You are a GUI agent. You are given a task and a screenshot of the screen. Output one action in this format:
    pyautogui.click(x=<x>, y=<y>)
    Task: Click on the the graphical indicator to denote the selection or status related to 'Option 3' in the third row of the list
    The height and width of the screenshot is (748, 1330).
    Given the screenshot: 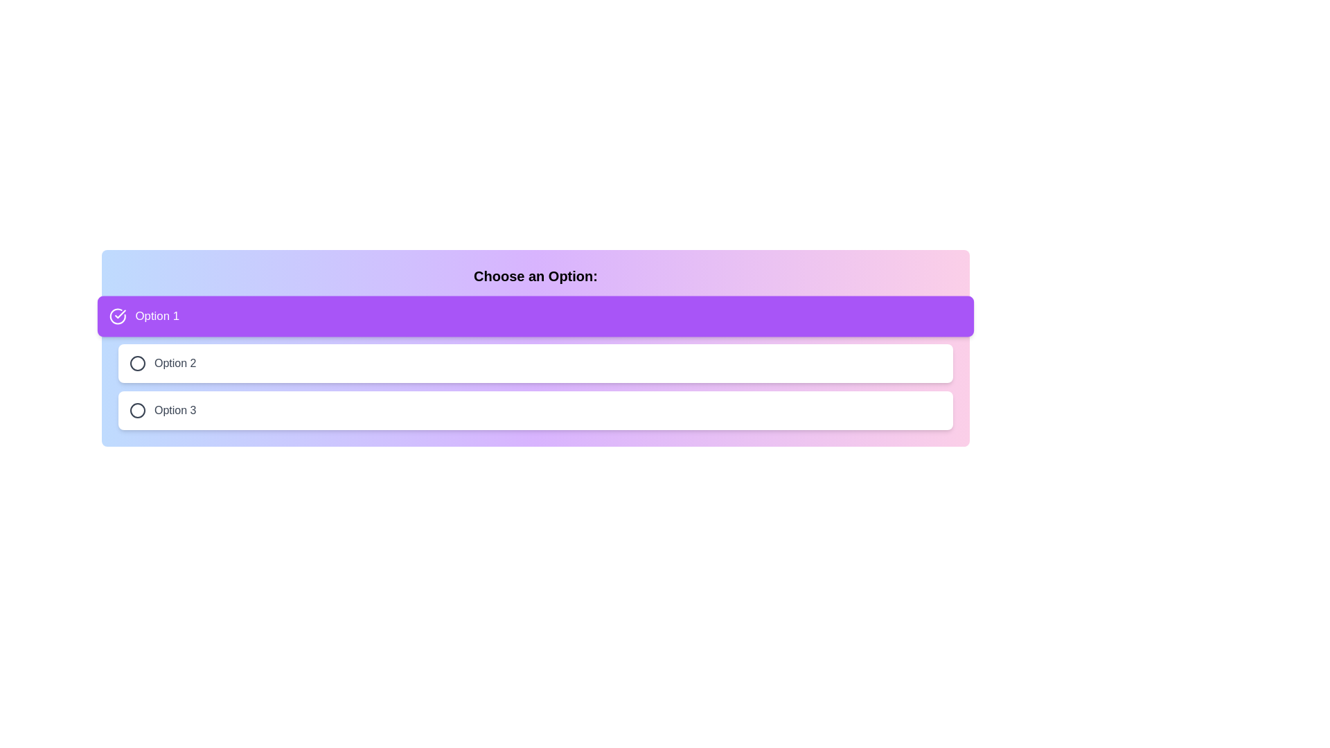 What is the action you would take?
    pyautogui.click(x=137, y=410)
    